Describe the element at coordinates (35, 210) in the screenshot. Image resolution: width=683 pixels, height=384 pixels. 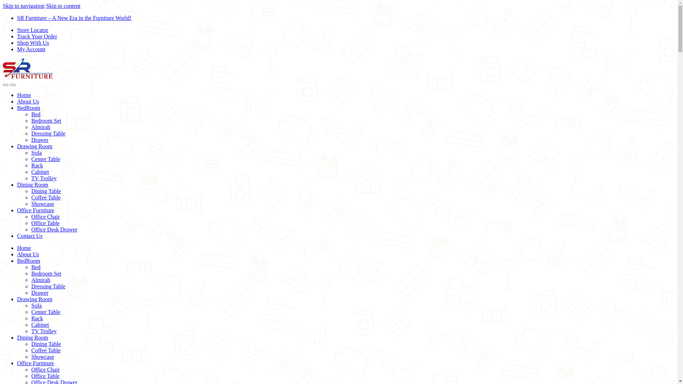
I see `'Office Furniture'` at that location.